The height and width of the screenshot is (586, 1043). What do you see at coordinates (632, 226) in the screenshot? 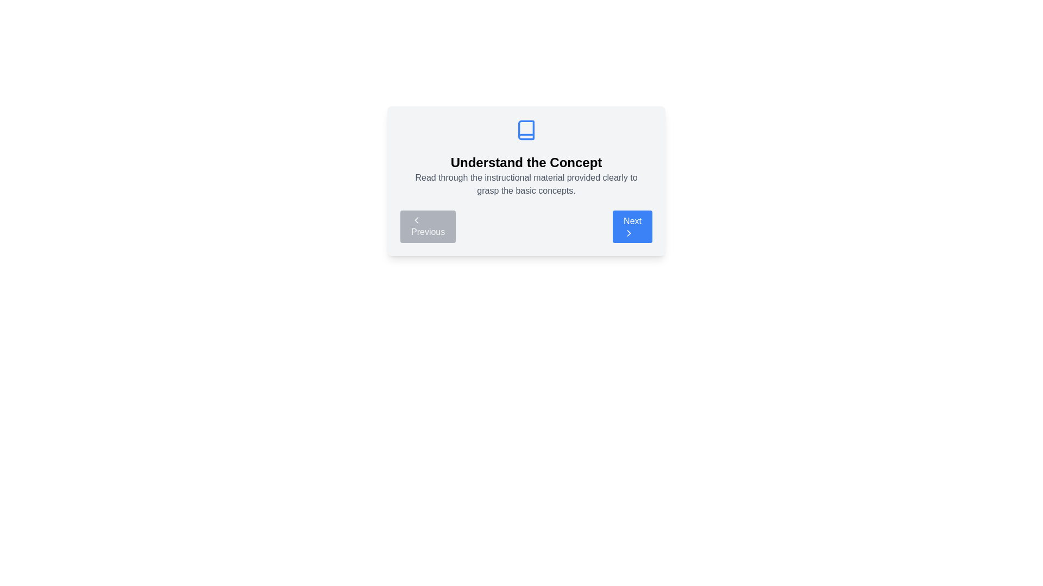
I see `the 'Next' button to navigate to the next step` at bounding box center [632, 226].